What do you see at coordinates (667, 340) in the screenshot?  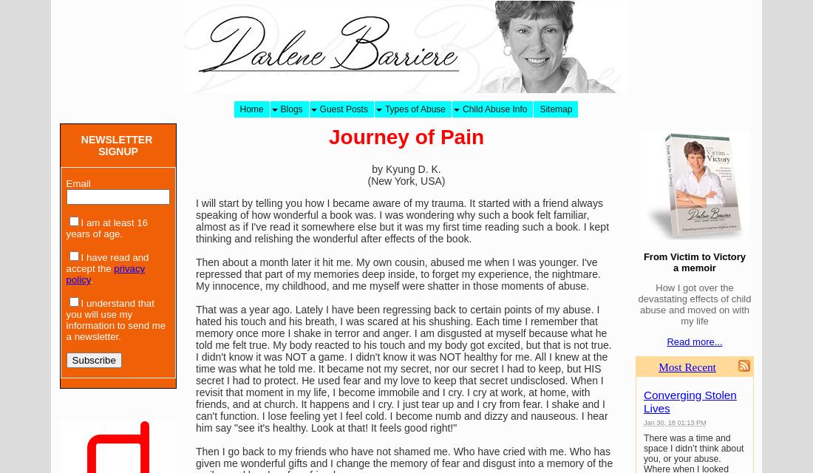 I see `'Read more...'` at bounding box center [667, 340].